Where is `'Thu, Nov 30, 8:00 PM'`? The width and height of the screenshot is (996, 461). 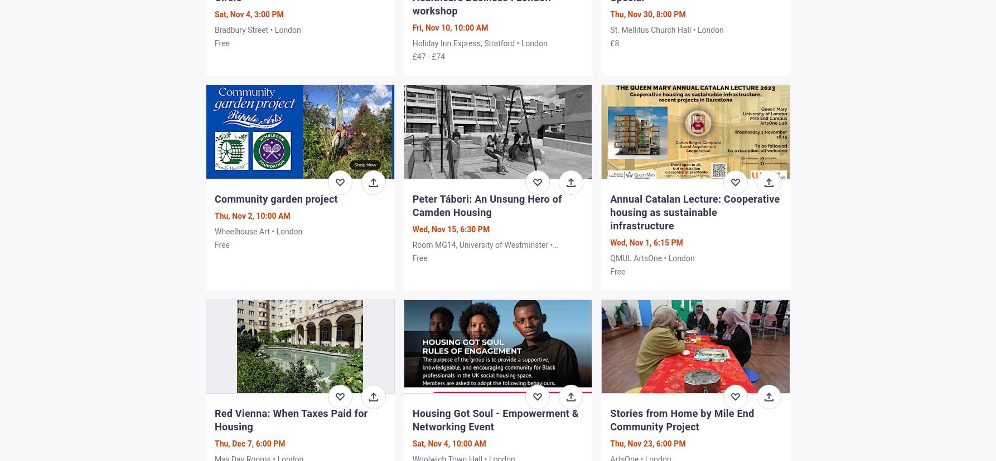 'Thu, Nov 30, 8:00 PM' is located at coordinates (647, 14).